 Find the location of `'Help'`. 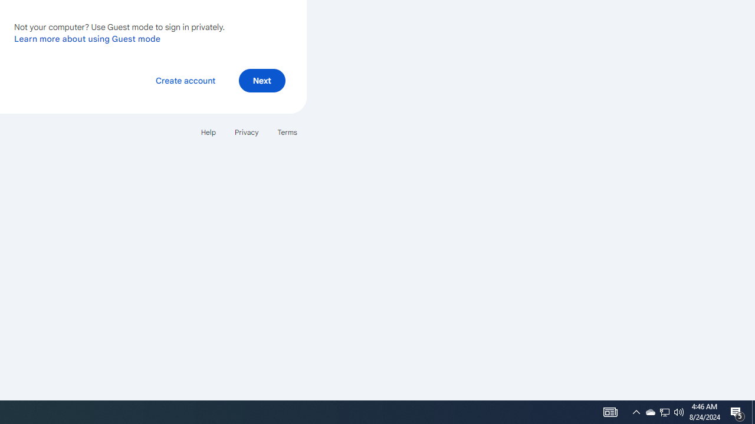

'Help' is located at coordinates (208, 132).